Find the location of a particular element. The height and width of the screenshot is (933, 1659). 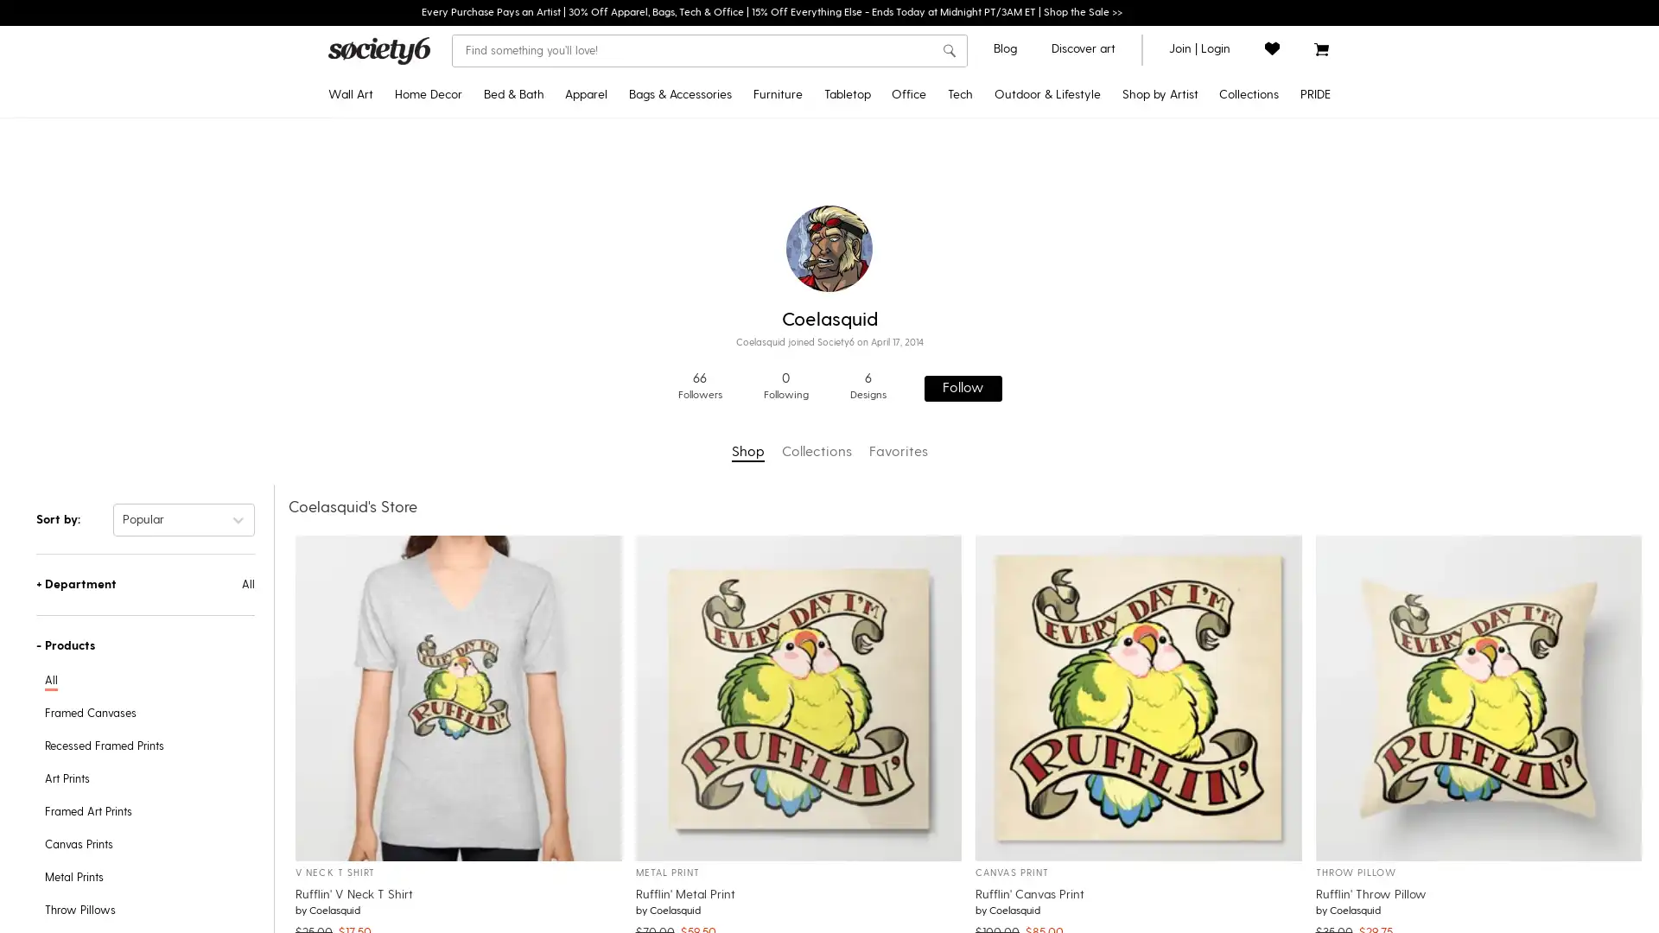

+Department All is located at coordinates (145, 583).